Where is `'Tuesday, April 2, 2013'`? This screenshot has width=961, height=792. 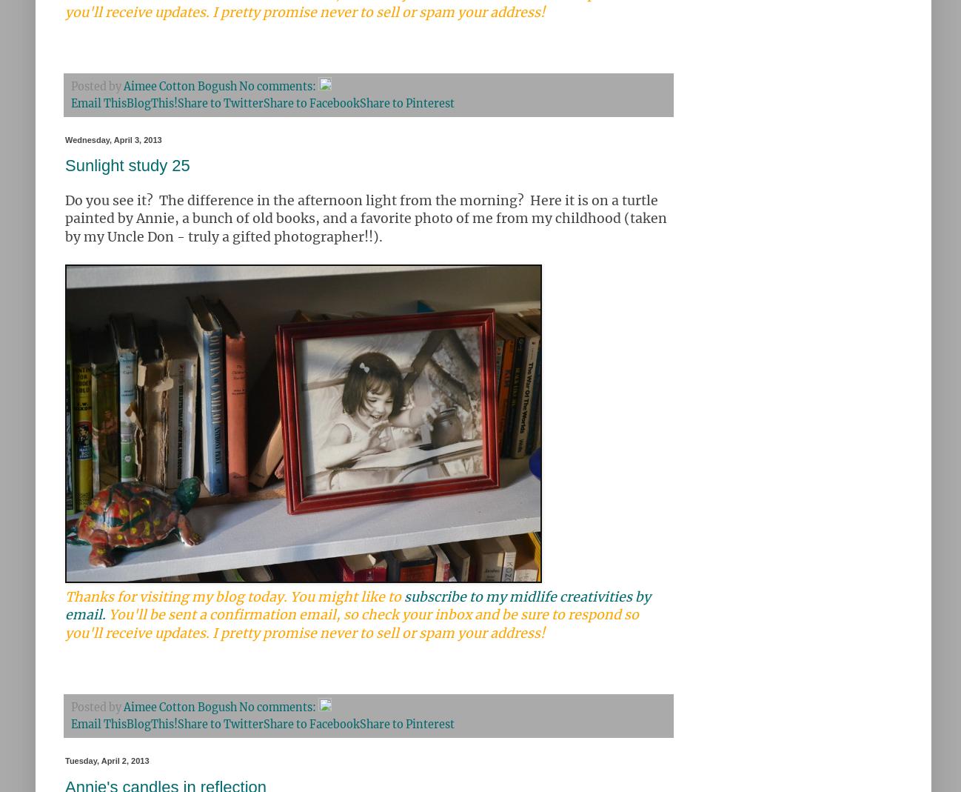
'Tuesday, April 2, 2013' is located at coordinates (106, 760).